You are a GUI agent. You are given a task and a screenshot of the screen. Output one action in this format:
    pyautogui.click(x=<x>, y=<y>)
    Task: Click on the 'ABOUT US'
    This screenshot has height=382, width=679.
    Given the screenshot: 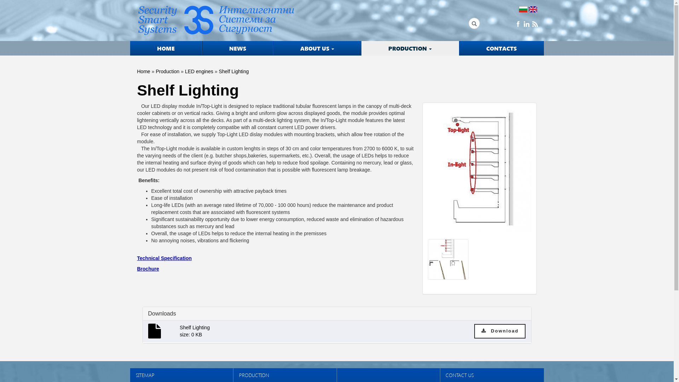 What is the action you would take?
    pyautogui.click(x=317, y=48)
    